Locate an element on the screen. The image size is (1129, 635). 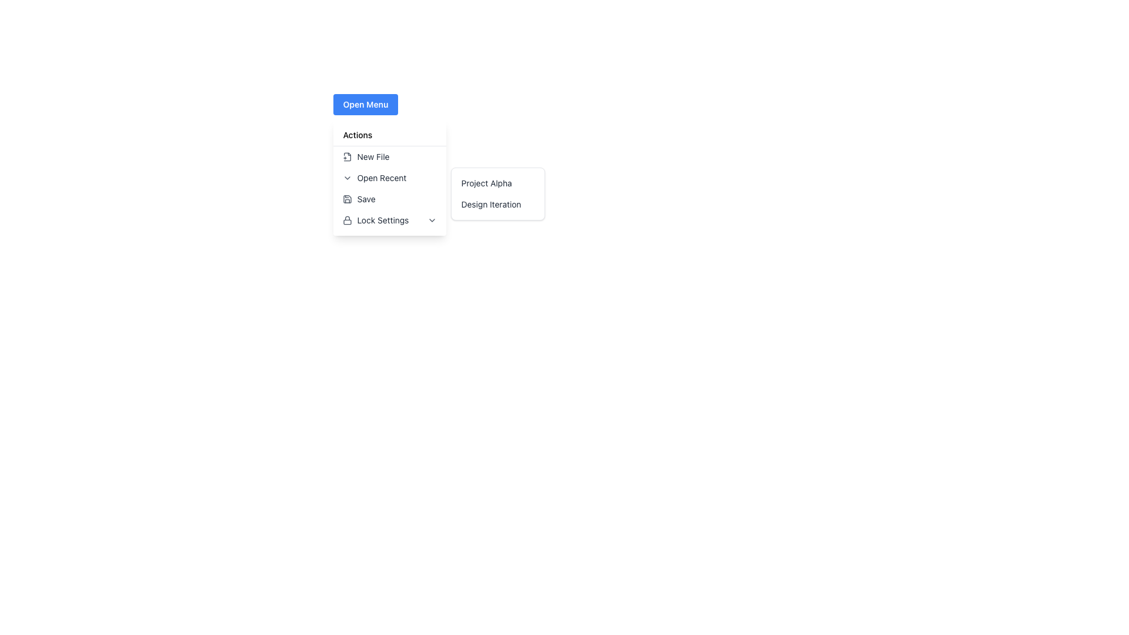
the small gray lock icon located to the left of the 'Lock Settings' text in the dropdown menu under the 'Actions' header is located at coordinates (347, 220).